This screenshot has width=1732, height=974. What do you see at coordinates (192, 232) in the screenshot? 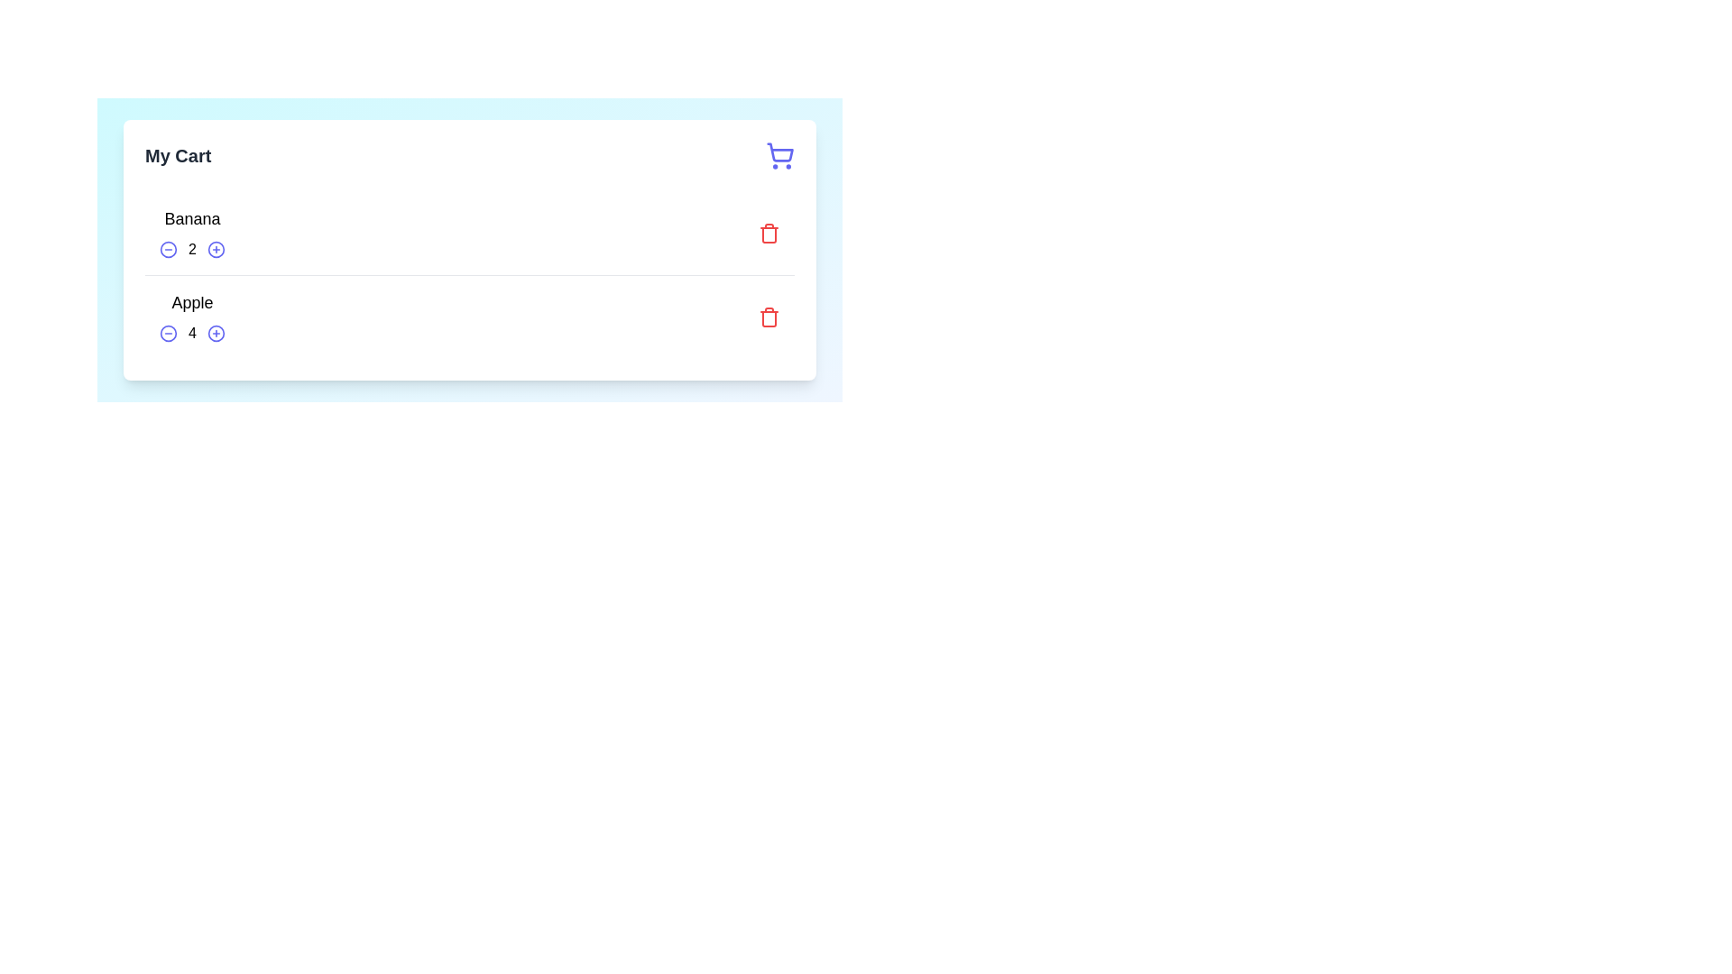
I see `item name 'Banana' and its quantity '2' from the Cart item display with quantity control, located at the top section of the cart list interface` at bounding box center [192, 232].